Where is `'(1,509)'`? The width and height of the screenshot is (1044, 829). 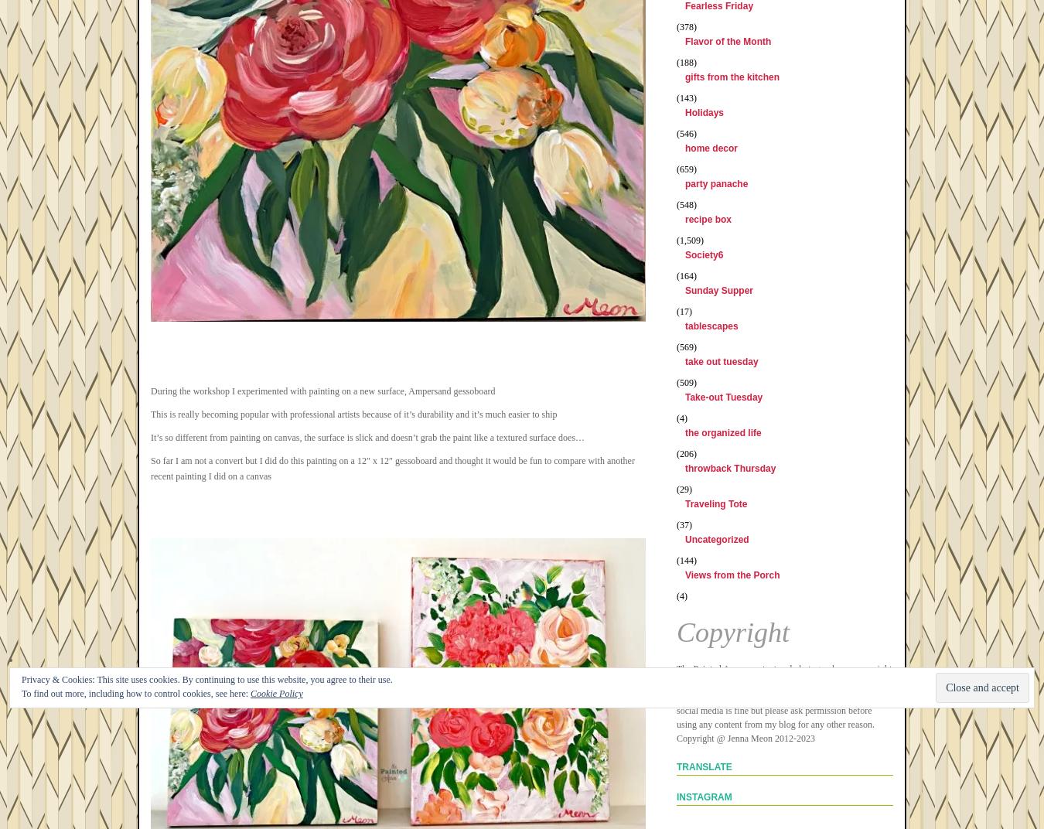
'(1,509)' is located at coordinates (690, 239).